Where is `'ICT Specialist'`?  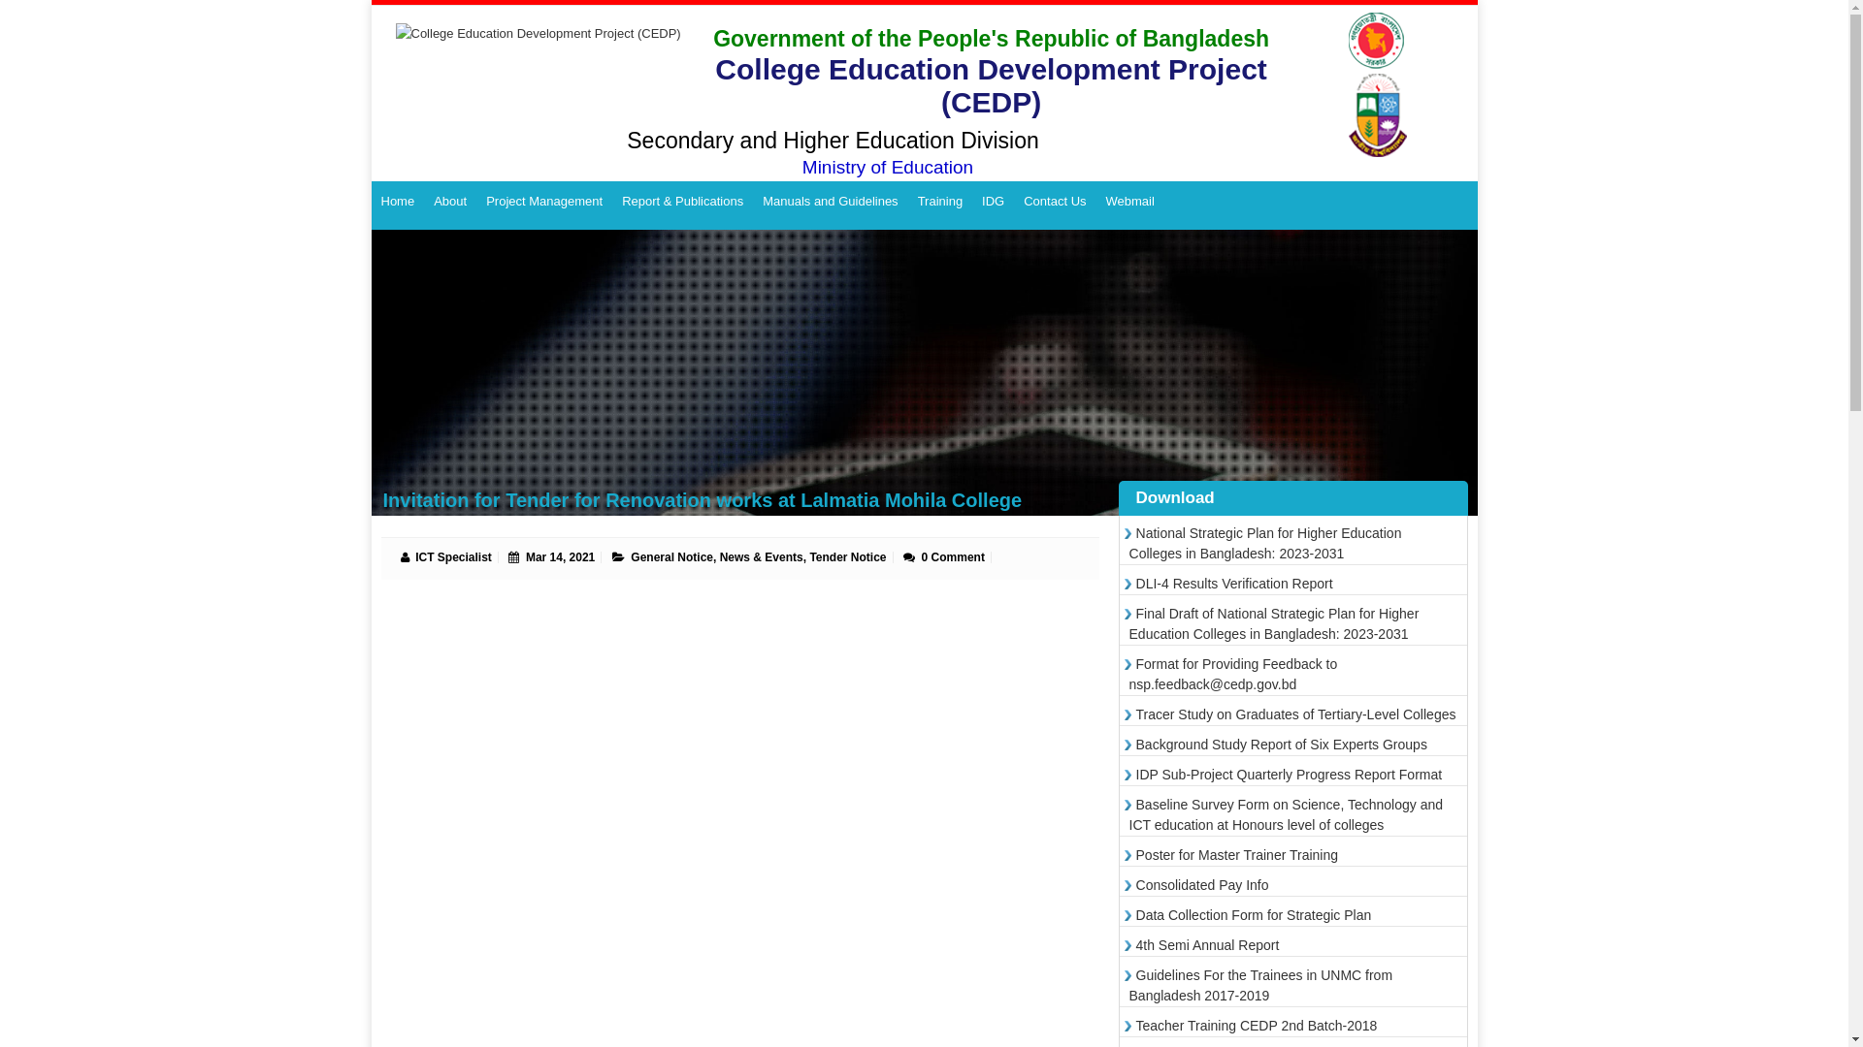 'ICT Specialist' is located at coordinates (413, 556).